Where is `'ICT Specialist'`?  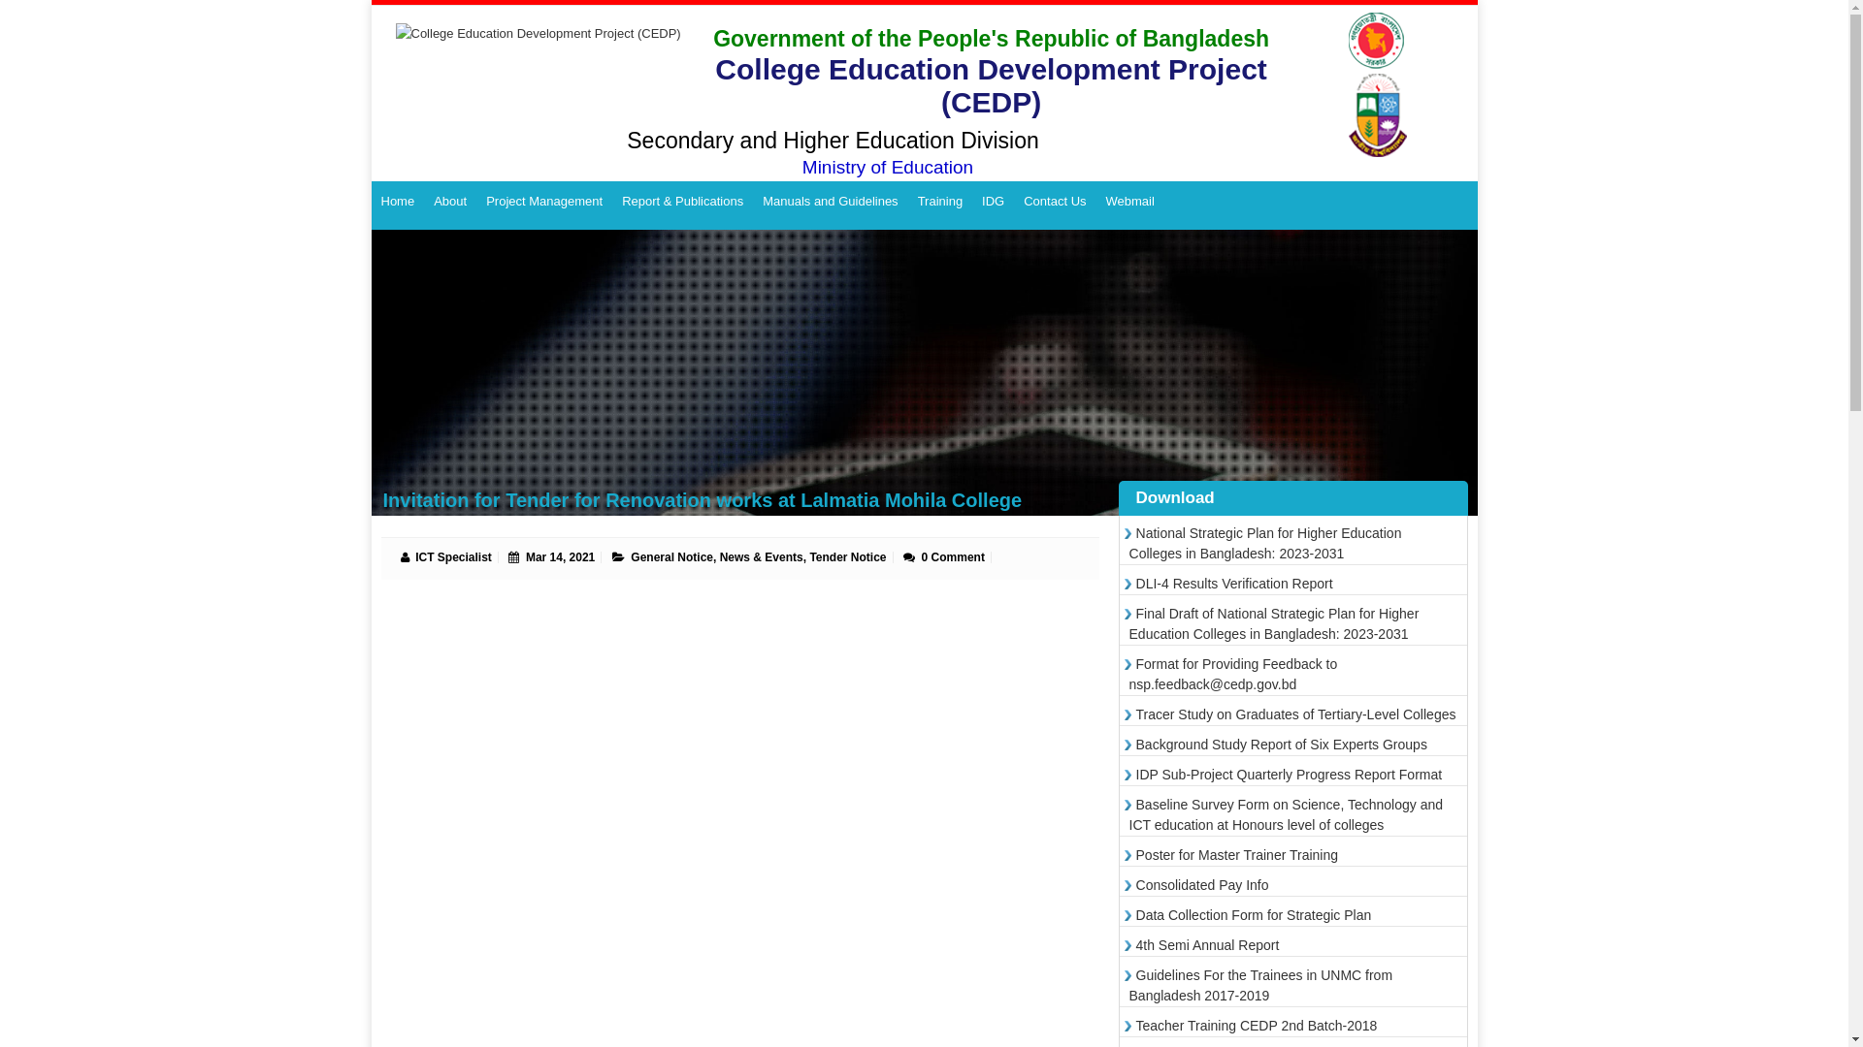 'ICT Specialist' is located at coordinates (413, 556).